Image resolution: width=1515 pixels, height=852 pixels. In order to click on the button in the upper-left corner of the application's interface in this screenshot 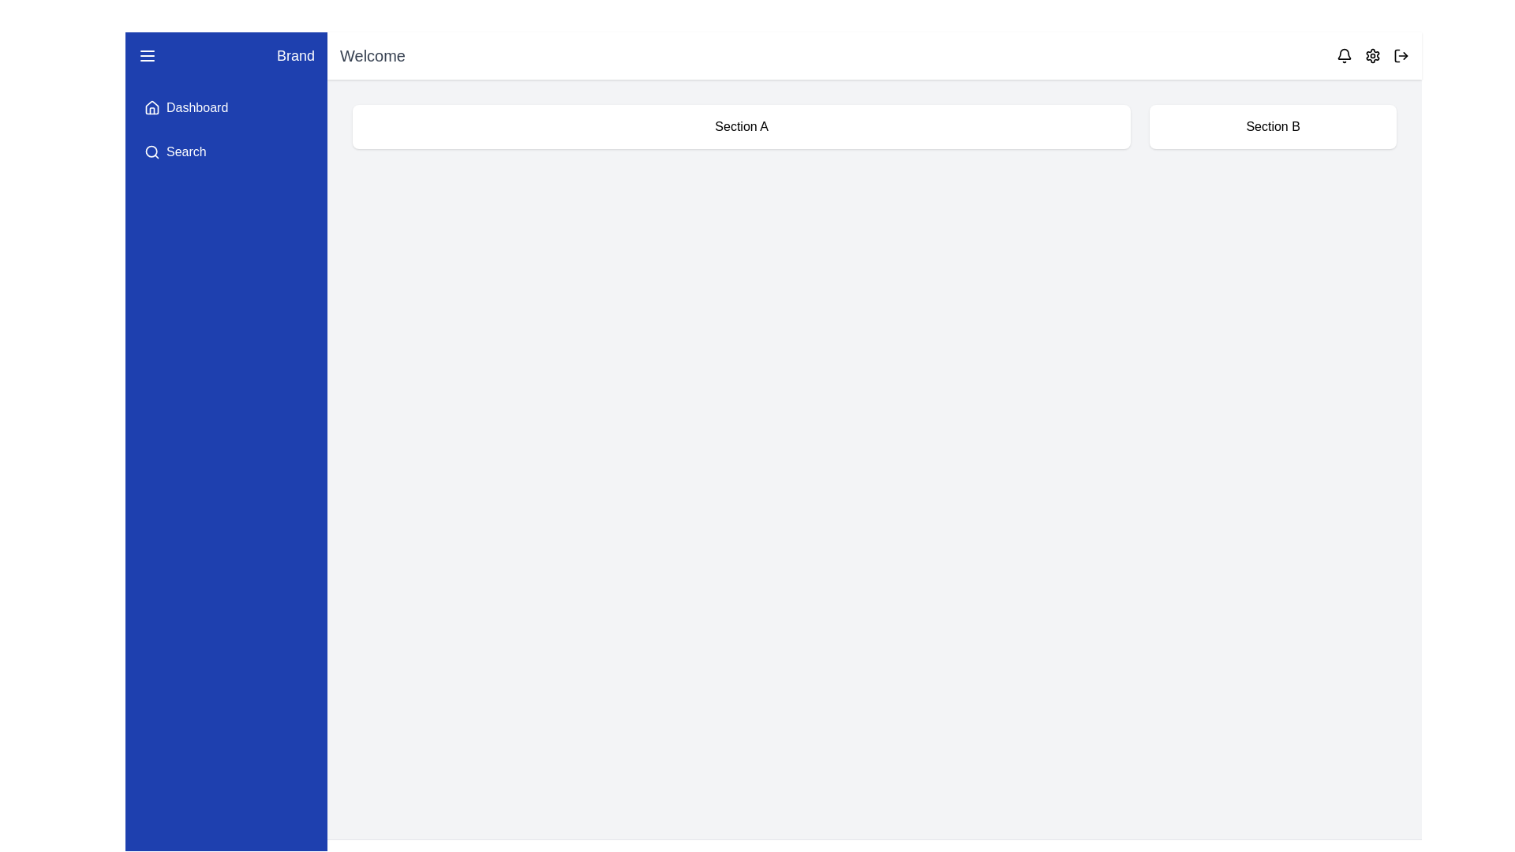, I will do `click(148, 54)`.